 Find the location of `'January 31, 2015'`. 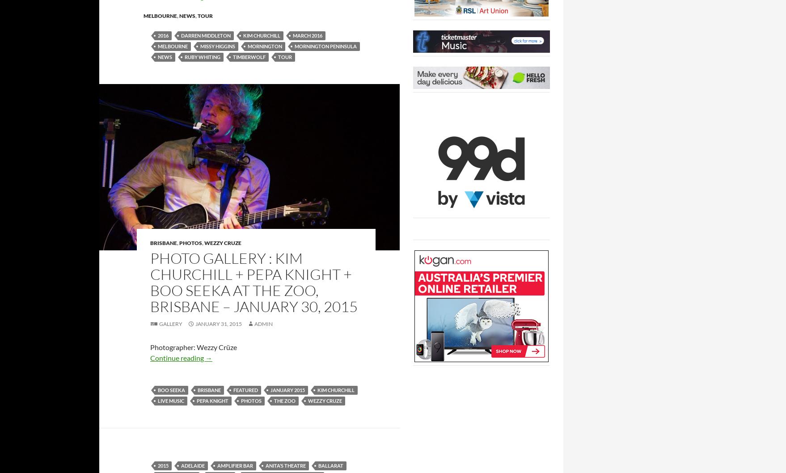

'January 31, 2015' is located at coordinates (195, 324).